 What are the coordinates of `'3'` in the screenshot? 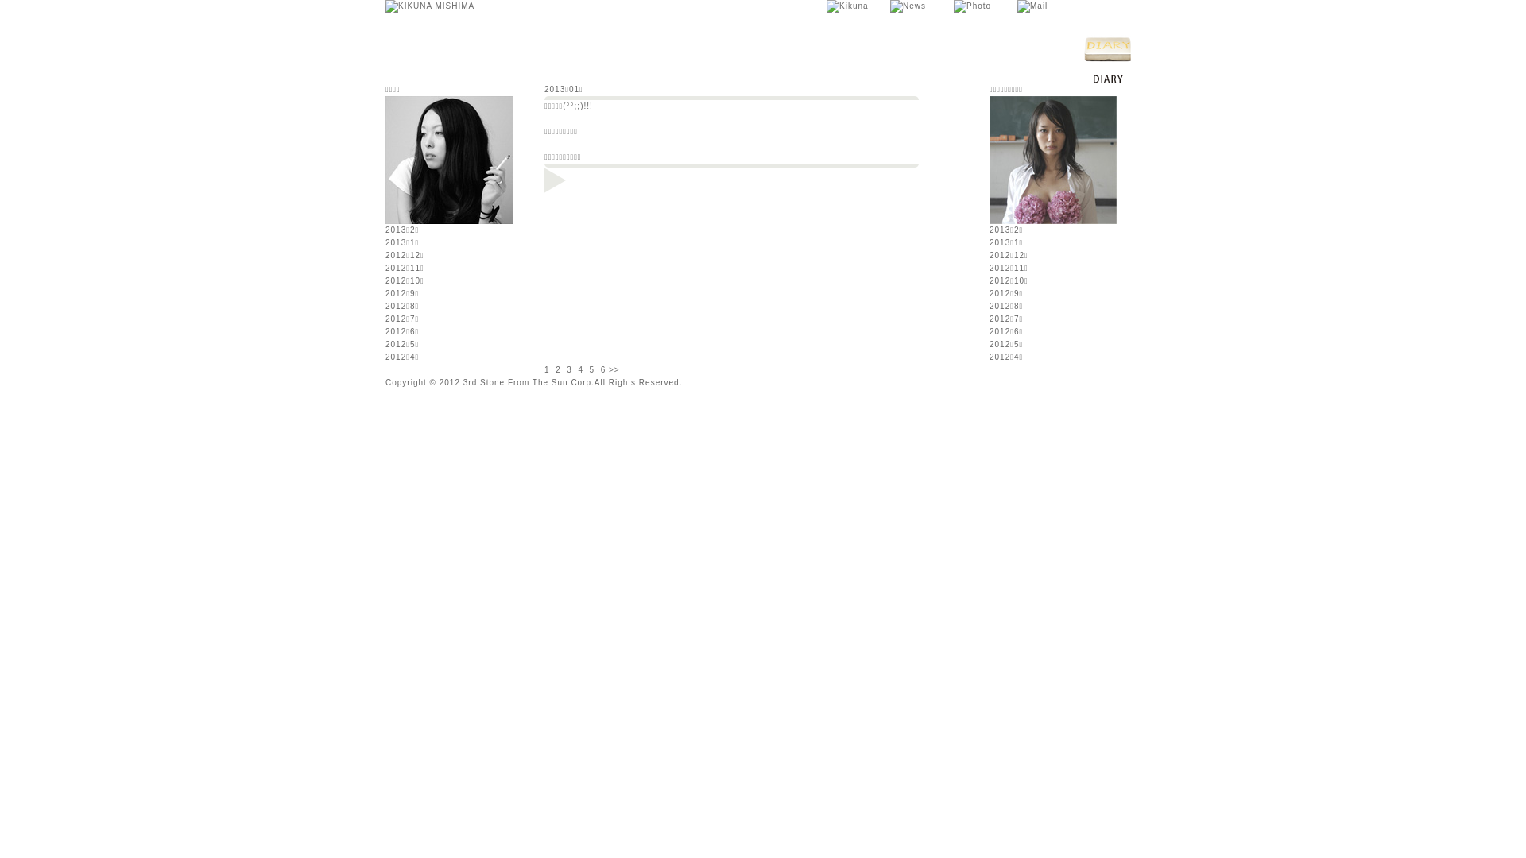 It's located at (569, 369).